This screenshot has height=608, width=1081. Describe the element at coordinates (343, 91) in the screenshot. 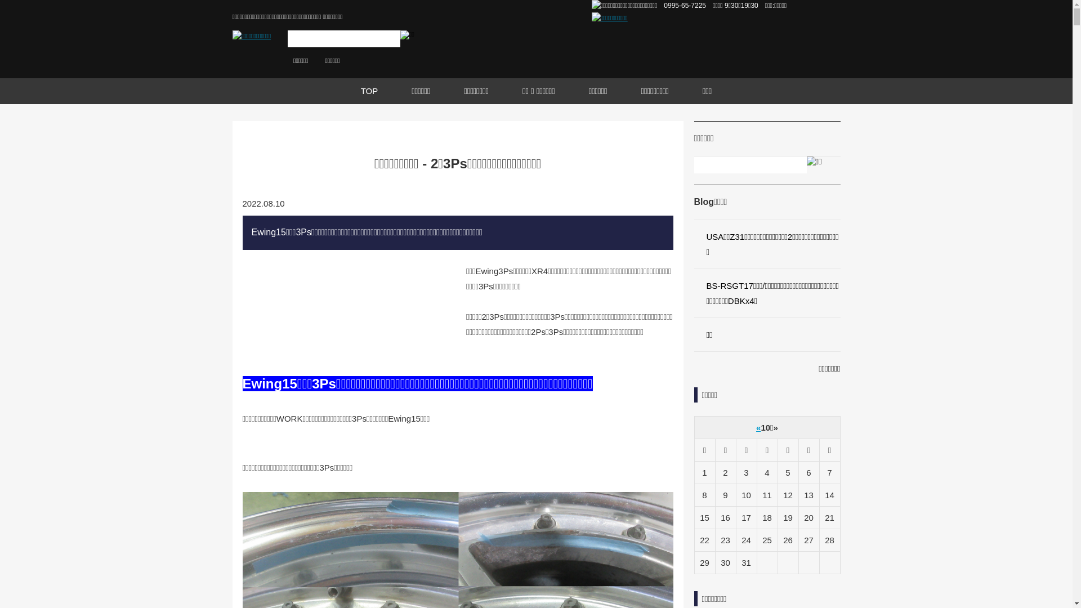

I see `'TOP'` at that location.